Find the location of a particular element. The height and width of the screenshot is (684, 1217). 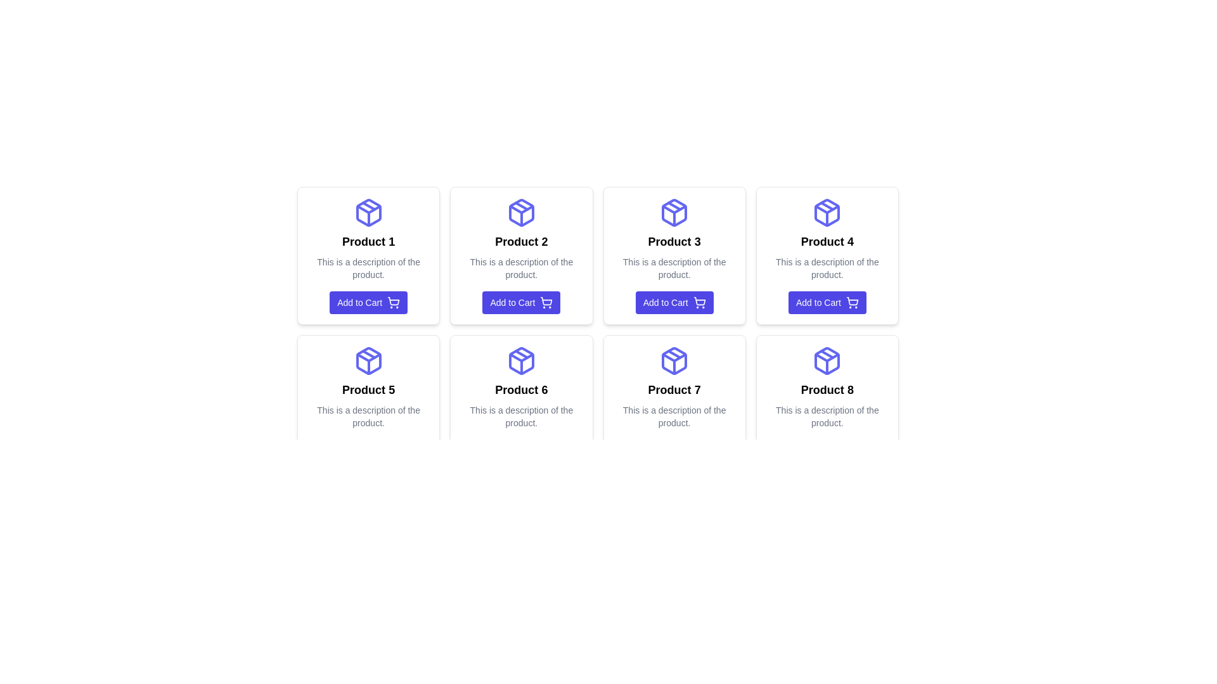

the blue square-shaped SVG icon resembling a package or box located at the top of the card labeled 'Product 7' is located at coordinates (674, 361).